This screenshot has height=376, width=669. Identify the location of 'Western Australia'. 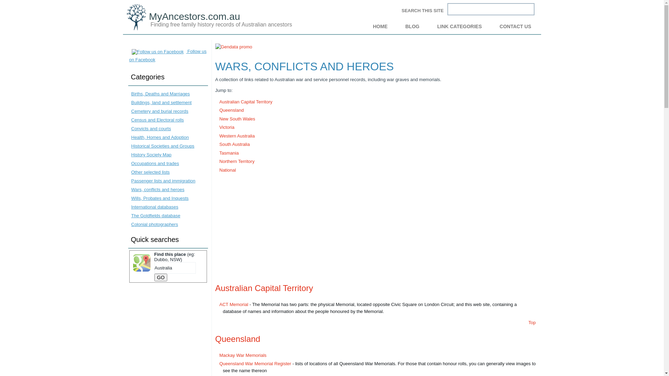
(237, 135).